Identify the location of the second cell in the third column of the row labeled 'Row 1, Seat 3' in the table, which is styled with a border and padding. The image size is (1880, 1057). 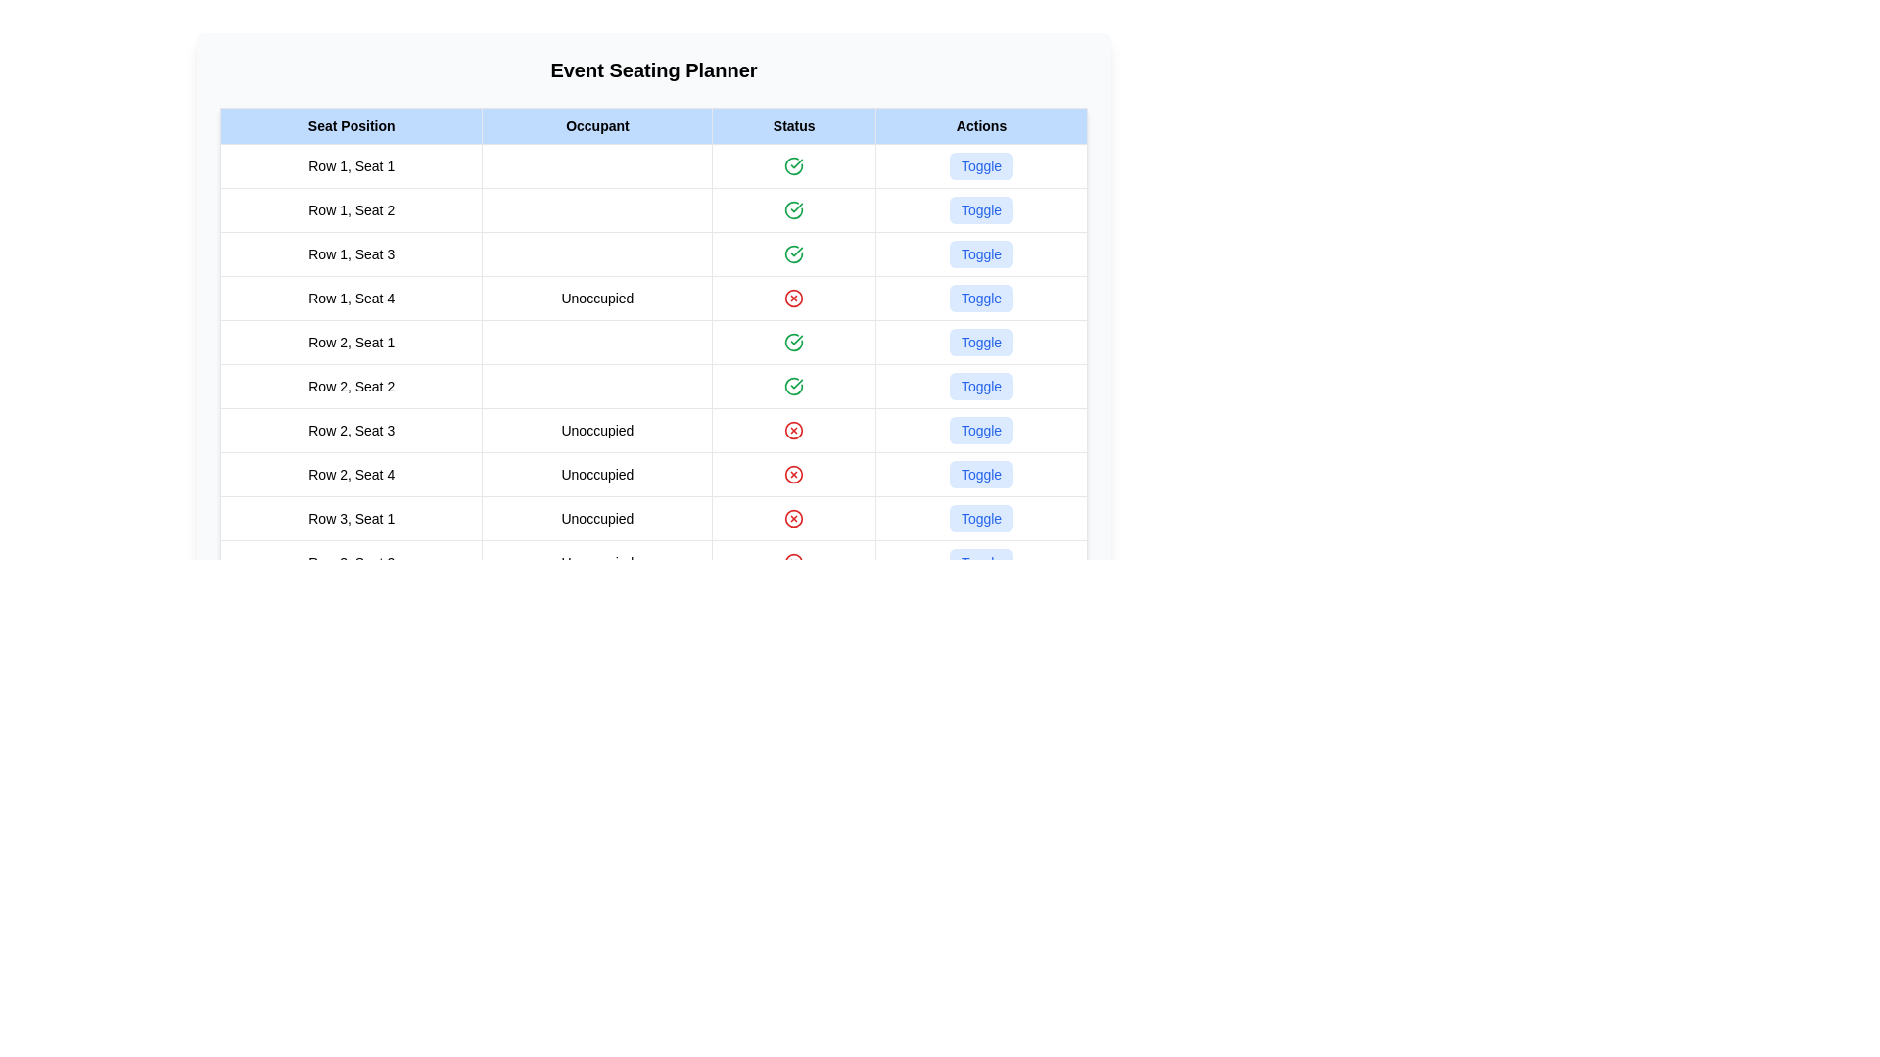
(596, 253).